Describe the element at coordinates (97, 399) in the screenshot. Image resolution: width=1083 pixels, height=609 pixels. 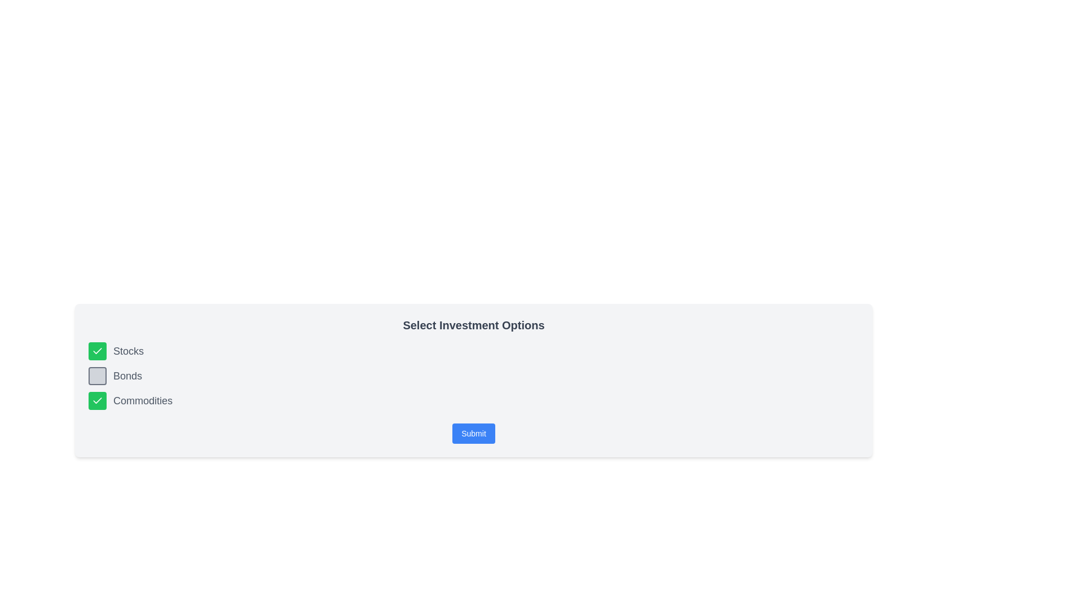
I see `the checkmark icon indicating that the 'Commodities' option has been selected from the list of checkbox options` at that location.